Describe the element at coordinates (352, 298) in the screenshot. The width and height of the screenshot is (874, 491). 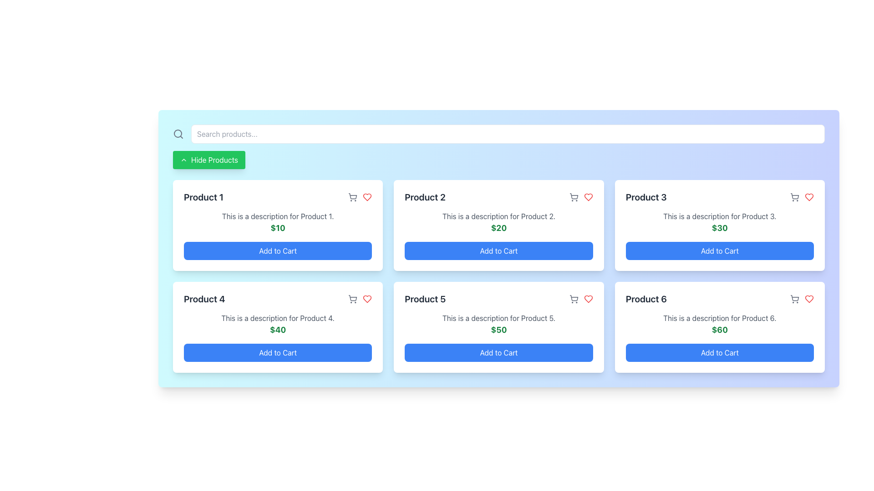
I see `the stylized shopping cart icon located in the top-right corner of the product card, which is outlined and has no fill, adjacent to the heart icon` at that location.